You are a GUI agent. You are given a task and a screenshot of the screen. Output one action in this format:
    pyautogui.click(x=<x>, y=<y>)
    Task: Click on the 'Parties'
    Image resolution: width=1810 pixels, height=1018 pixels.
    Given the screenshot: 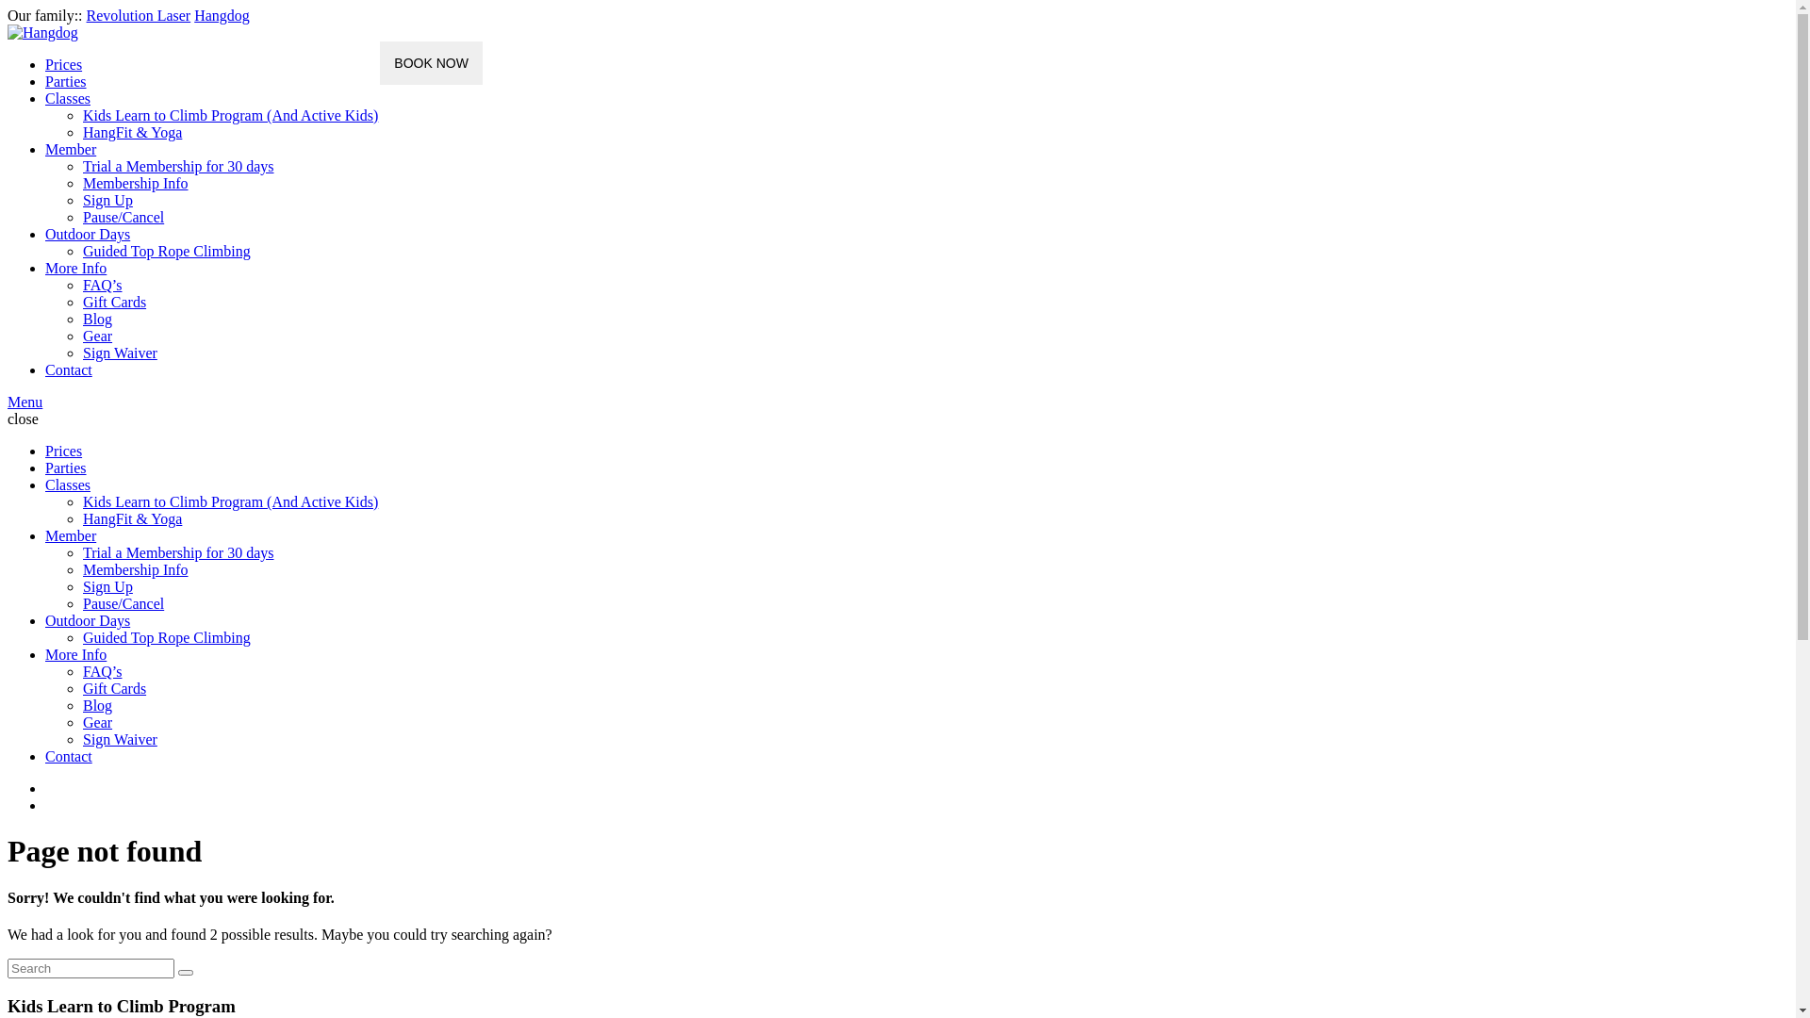 What is the action you would take?
    pyautogui.click(x=66, y=80)
    